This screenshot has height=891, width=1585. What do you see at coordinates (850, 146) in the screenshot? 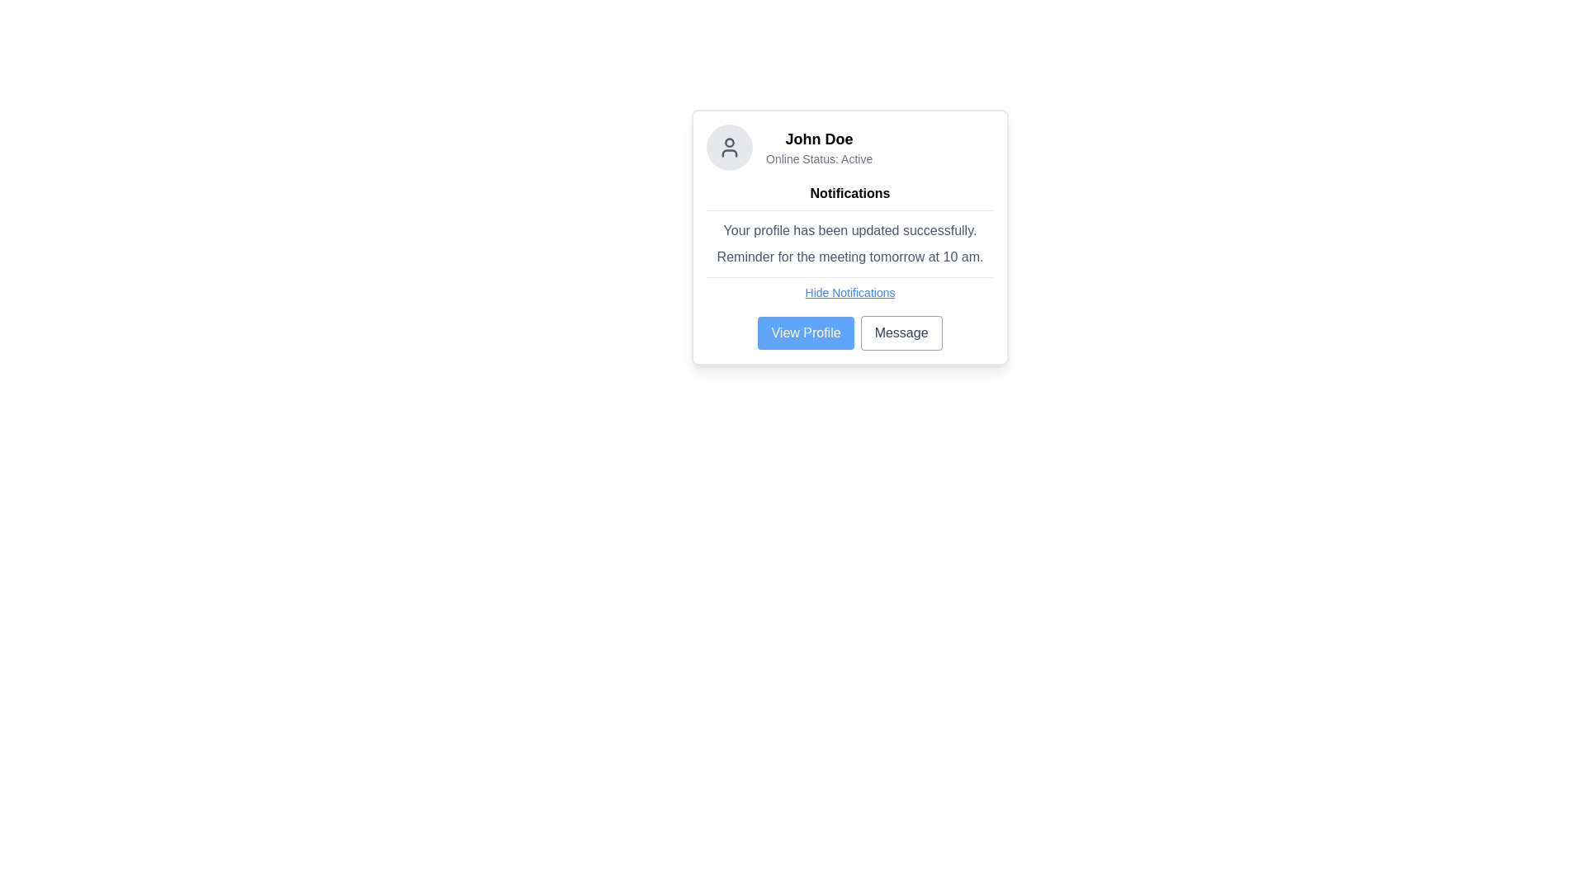
I see `the user's name in the Profile header section` at bounding box center [850, 146].